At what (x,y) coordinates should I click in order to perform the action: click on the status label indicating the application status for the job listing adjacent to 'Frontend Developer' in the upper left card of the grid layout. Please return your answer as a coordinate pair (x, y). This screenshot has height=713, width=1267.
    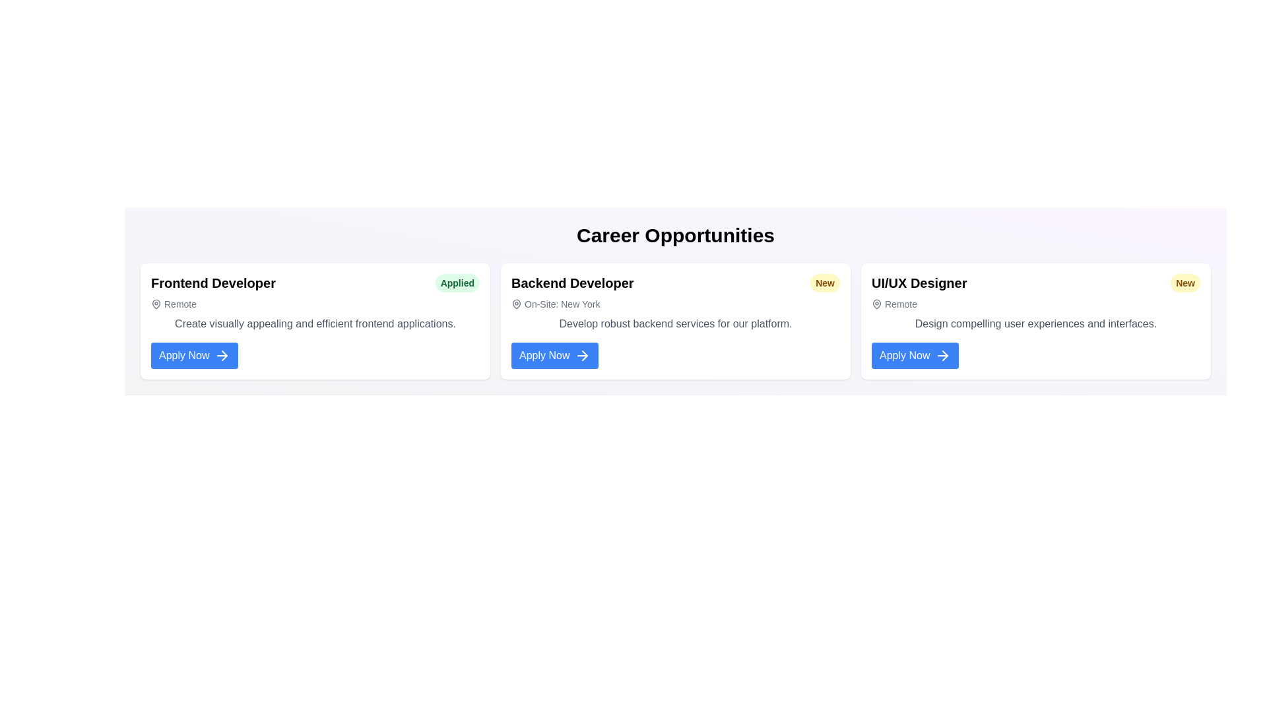
    Looking at the image, I should click on (457, 282).